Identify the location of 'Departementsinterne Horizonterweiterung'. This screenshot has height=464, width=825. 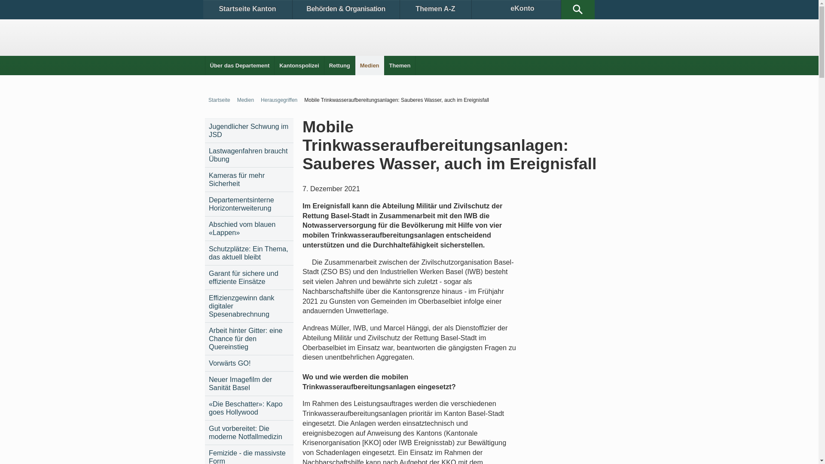
(249, 204).